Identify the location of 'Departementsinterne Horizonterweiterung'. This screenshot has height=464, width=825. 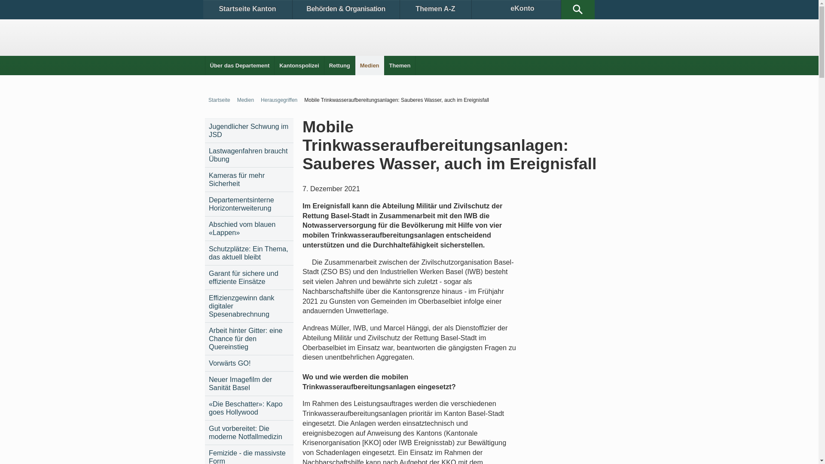
(249, 204).